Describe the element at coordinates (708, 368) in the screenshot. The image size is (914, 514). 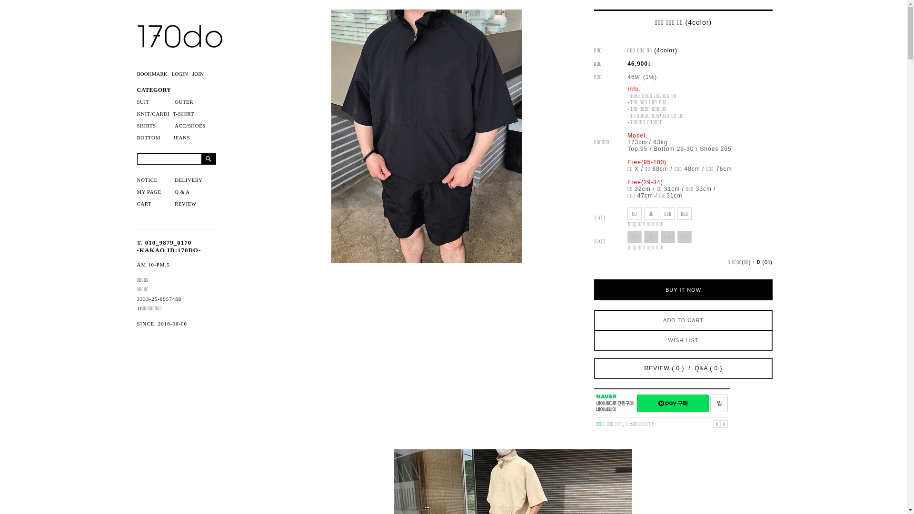
I see `'Q&A ( 0 )'` at that location.